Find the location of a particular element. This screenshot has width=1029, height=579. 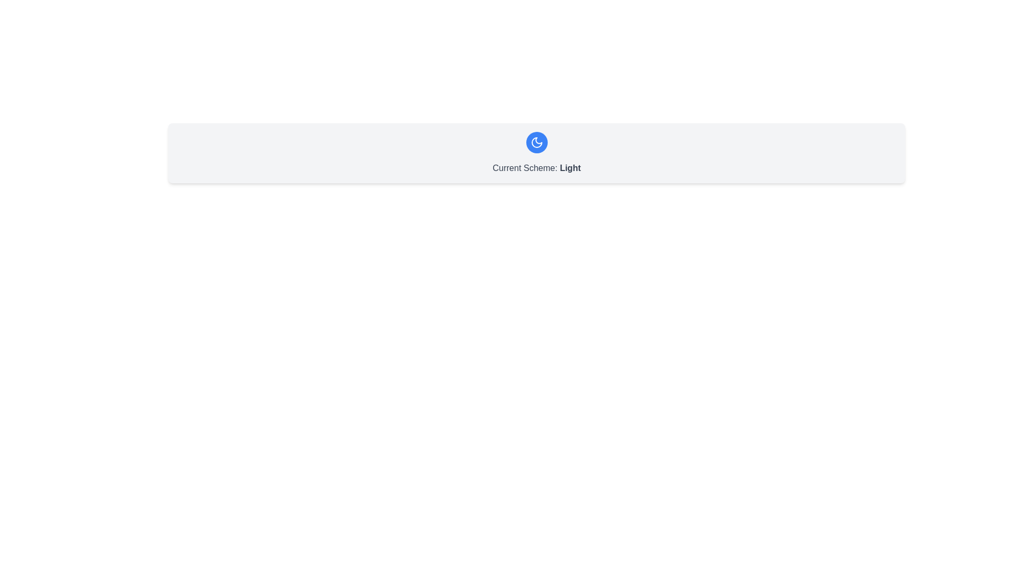

the static text label indicating the currently active scheme, which displays 'Current Scheme: Light' and is located just below a circular blue icon is located at coordinates (570, 168).